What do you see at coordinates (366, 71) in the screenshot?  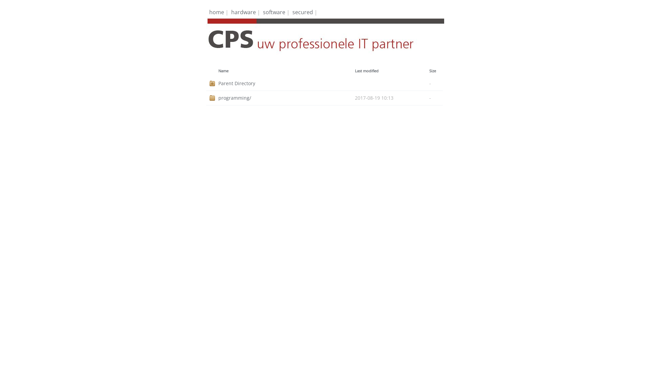 I see `'Last modified'` at bounding box center [366, 71].